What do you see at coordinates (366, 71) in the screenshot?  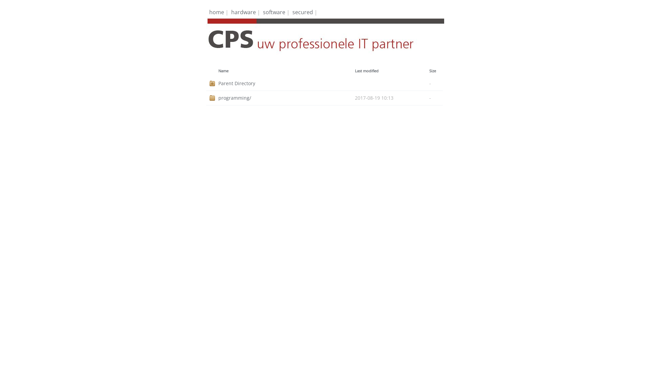 I see `'Last modified'` at bounding box center [366, 71].